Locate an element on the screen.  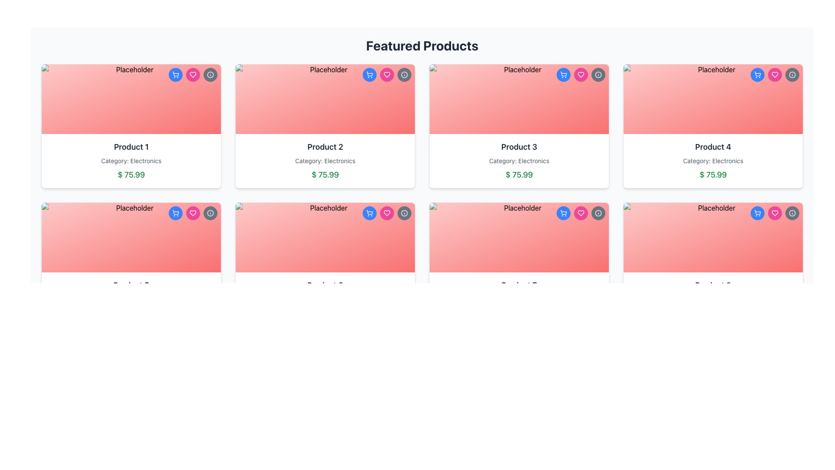
the circular information button with a gray background and white outline located in the top-right corner of the 'Product 4' card is located at coordinates (792, 213).